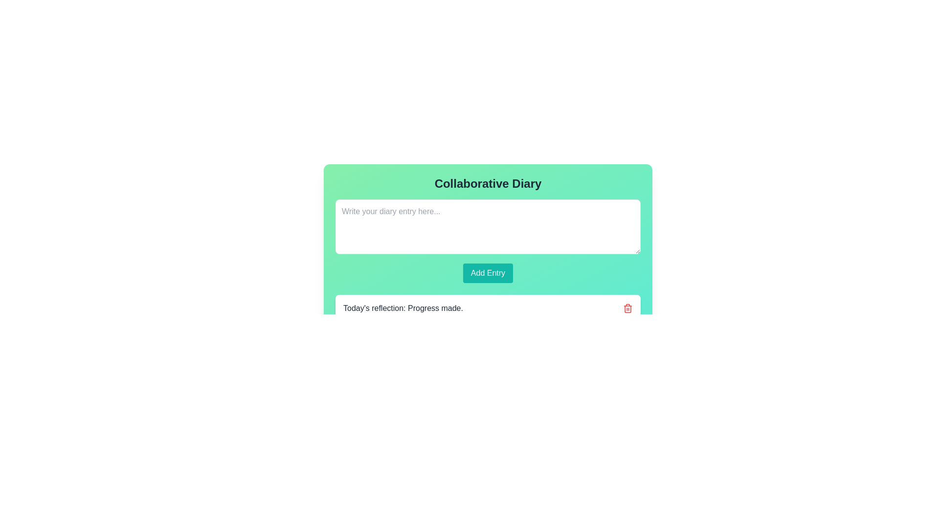  Describe the element at coordinates (488, 273) in the screenshot. I see `the 'Add Entry' button, which is a rectangular button with a teal background and white text` at that location.